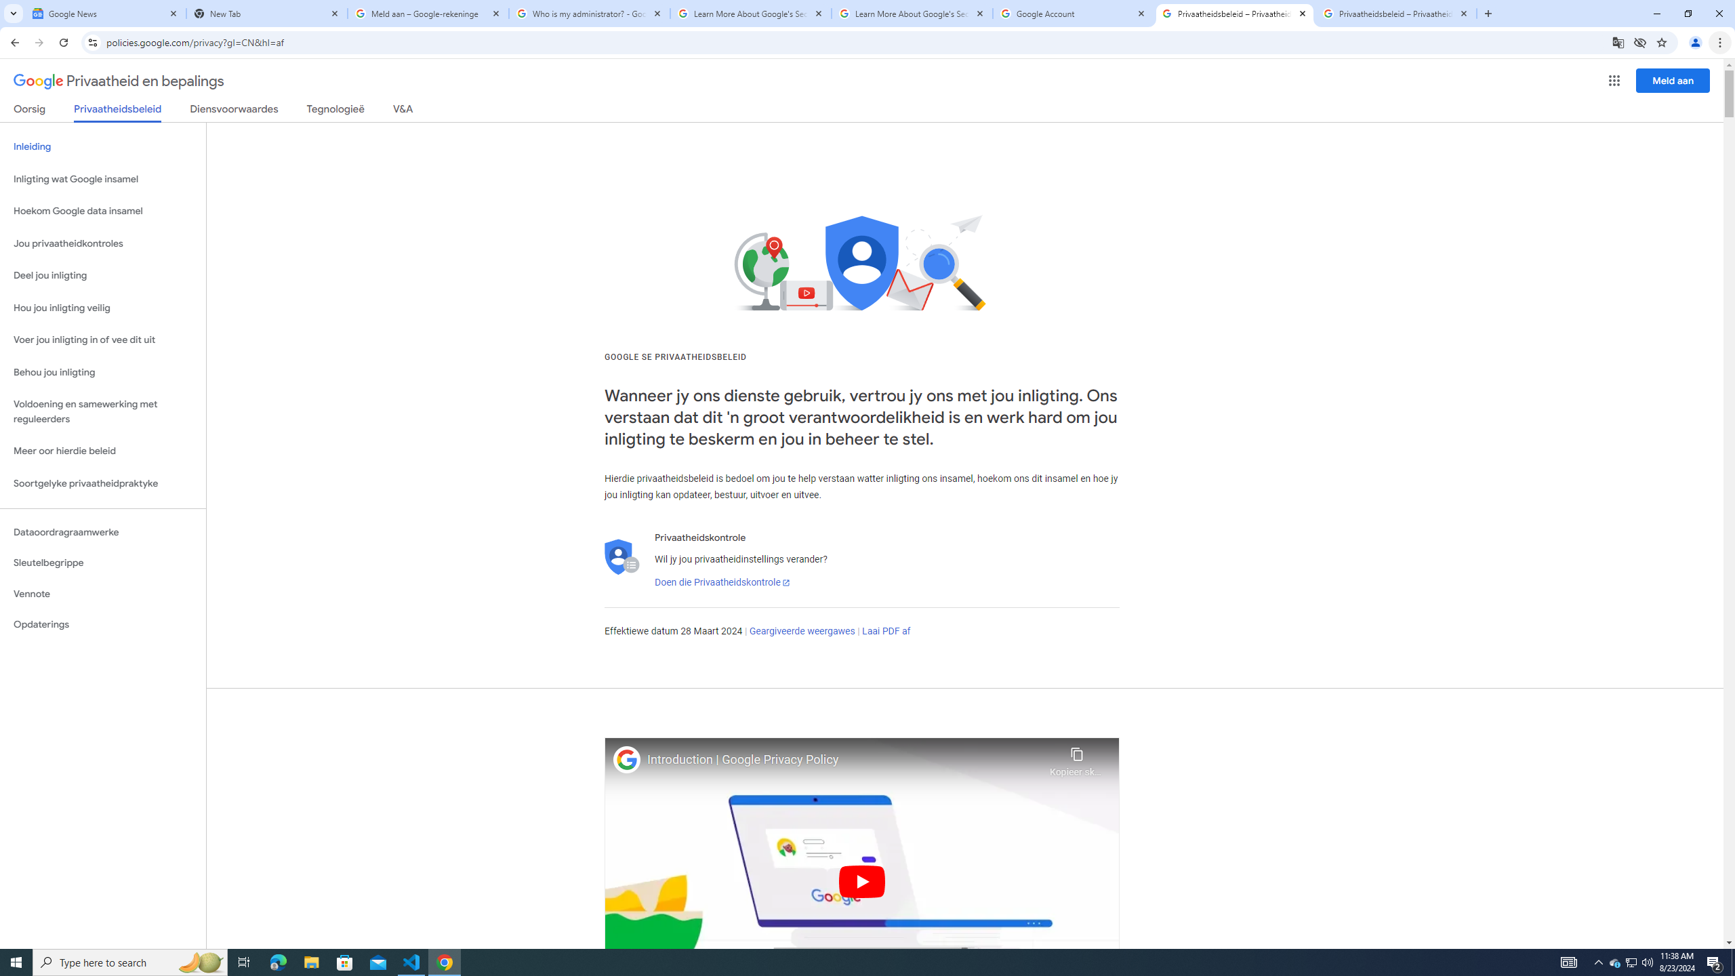 This screenshot has height=976, width=1735. Describe the element at coordinates (102, 451) in the screenshot. I see `'Meer oor hierdie beleid'` at that location.